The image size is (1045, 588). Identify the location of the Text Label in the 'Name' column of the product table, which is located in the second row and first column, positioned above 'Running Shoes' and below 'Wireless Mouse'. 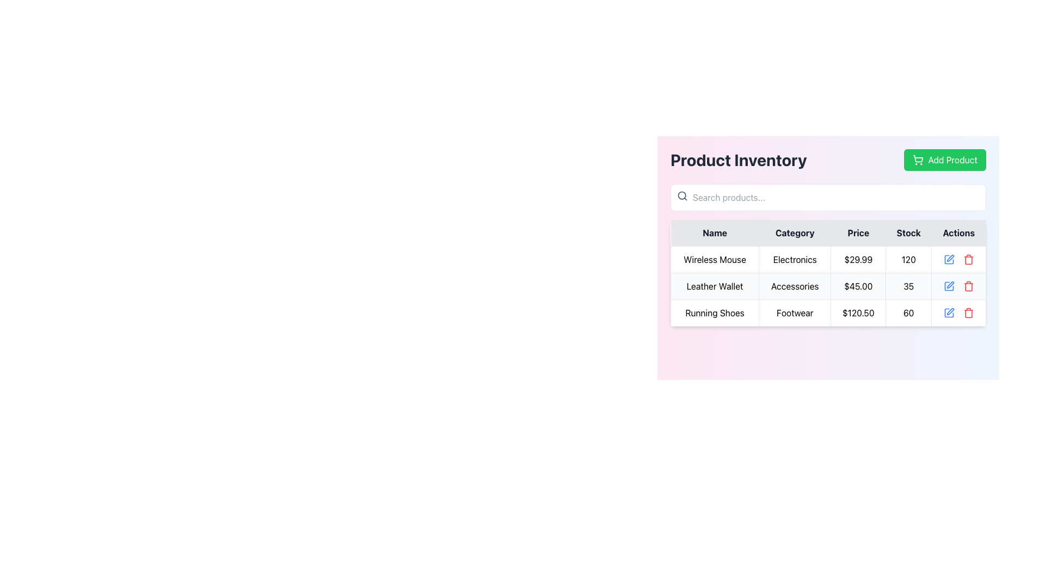
(715, 285).